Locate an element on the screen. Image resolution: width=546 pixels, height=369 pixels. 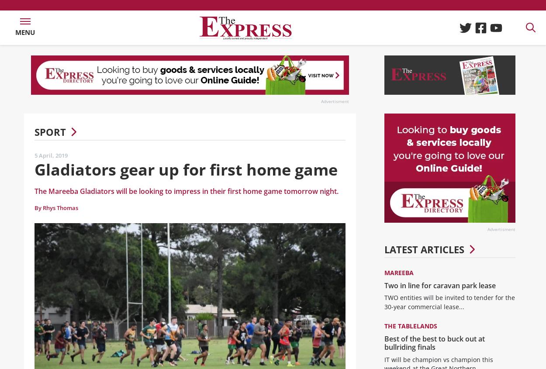
'5 April, 2019' is located at coordinates (51, 162).